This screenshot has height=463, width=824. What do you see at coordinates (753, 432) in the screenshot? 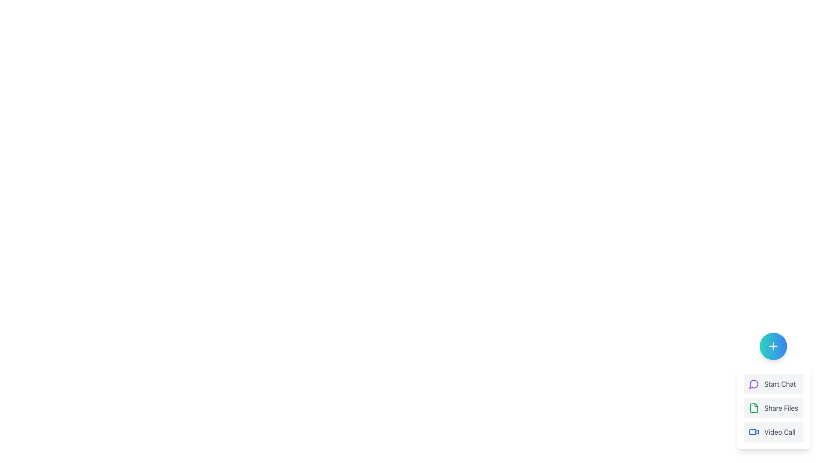
I see `the video call icon located within the 'Video Call' button at the bottom of the vertical list of buttons` at bounding box center [753, 432].